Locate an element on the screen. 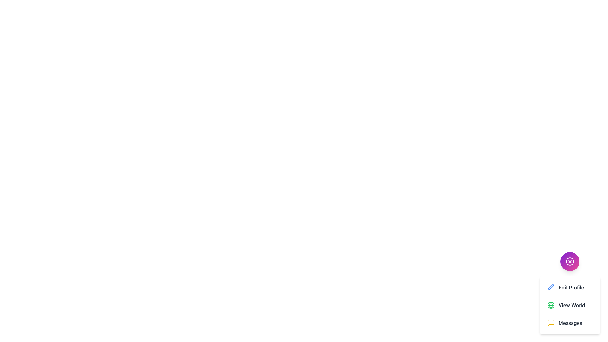 This screenshot has width=608, height=342. the second text label in the menu box that indicates an option is located at coordinates (572, 305).